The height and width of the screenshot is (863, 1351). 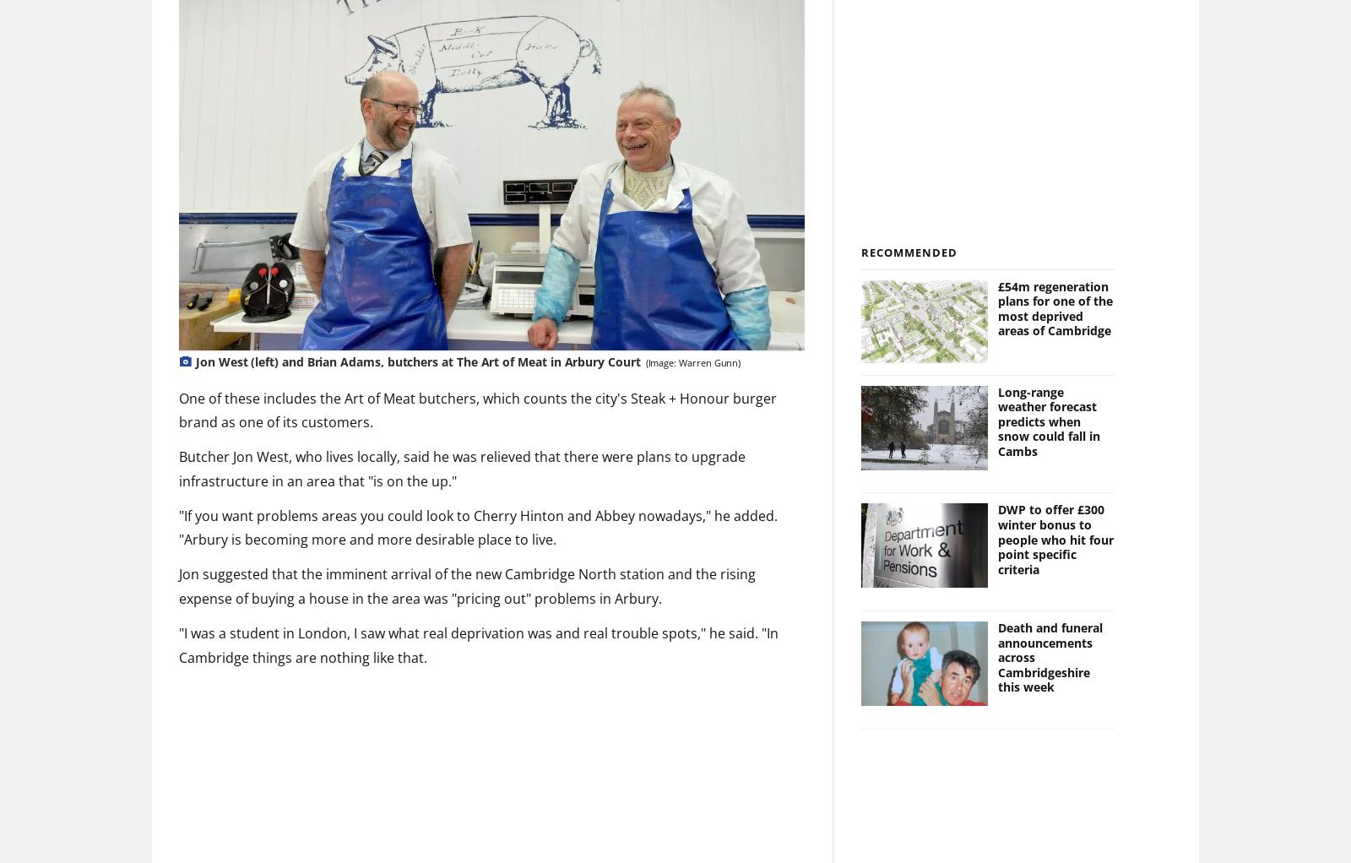 I want to click on 'Recommended', so click(x=909, y=251).